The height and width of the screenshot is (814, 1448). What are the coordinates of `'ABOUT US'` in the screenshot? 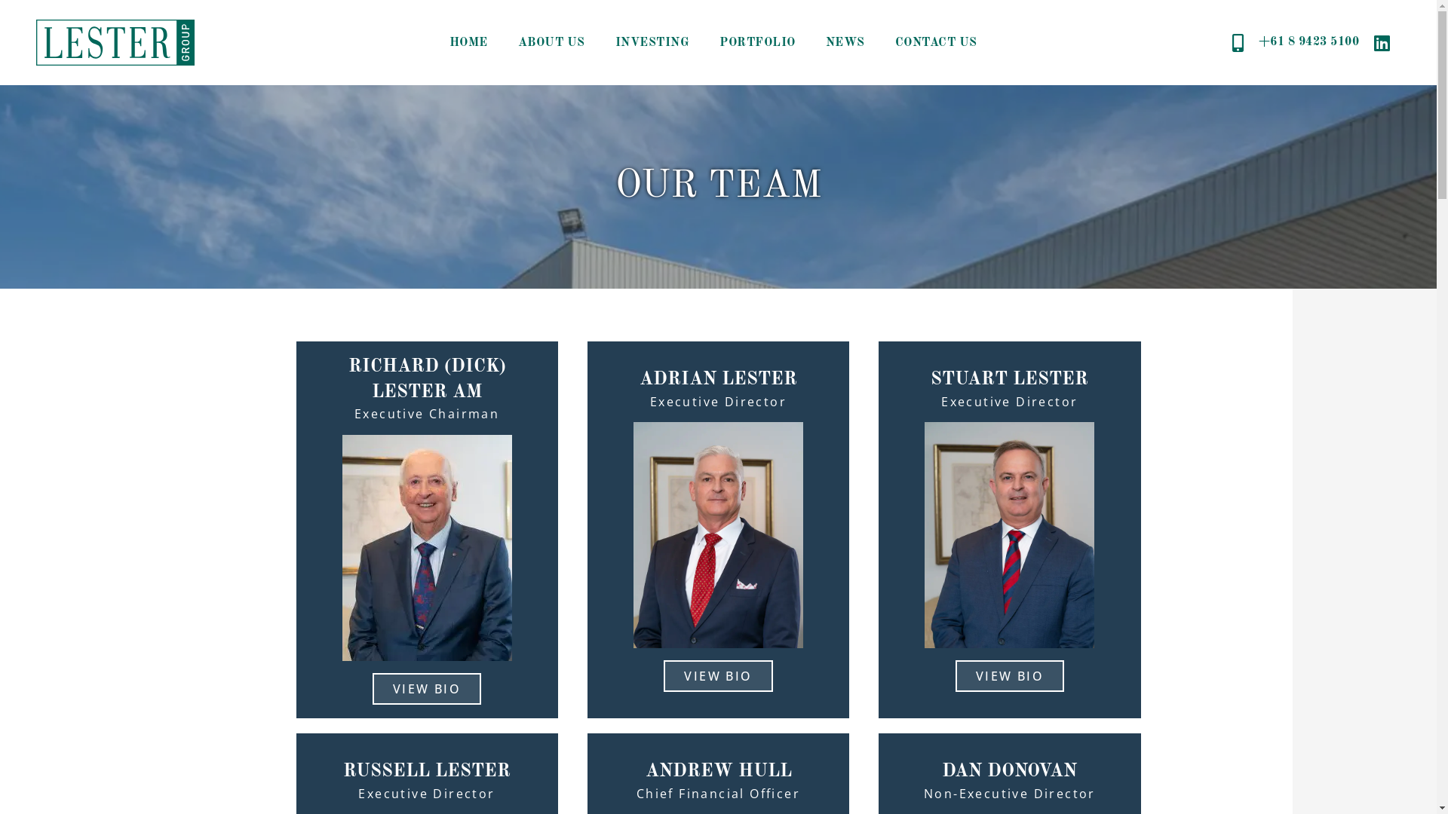 It's located at (503, 42).